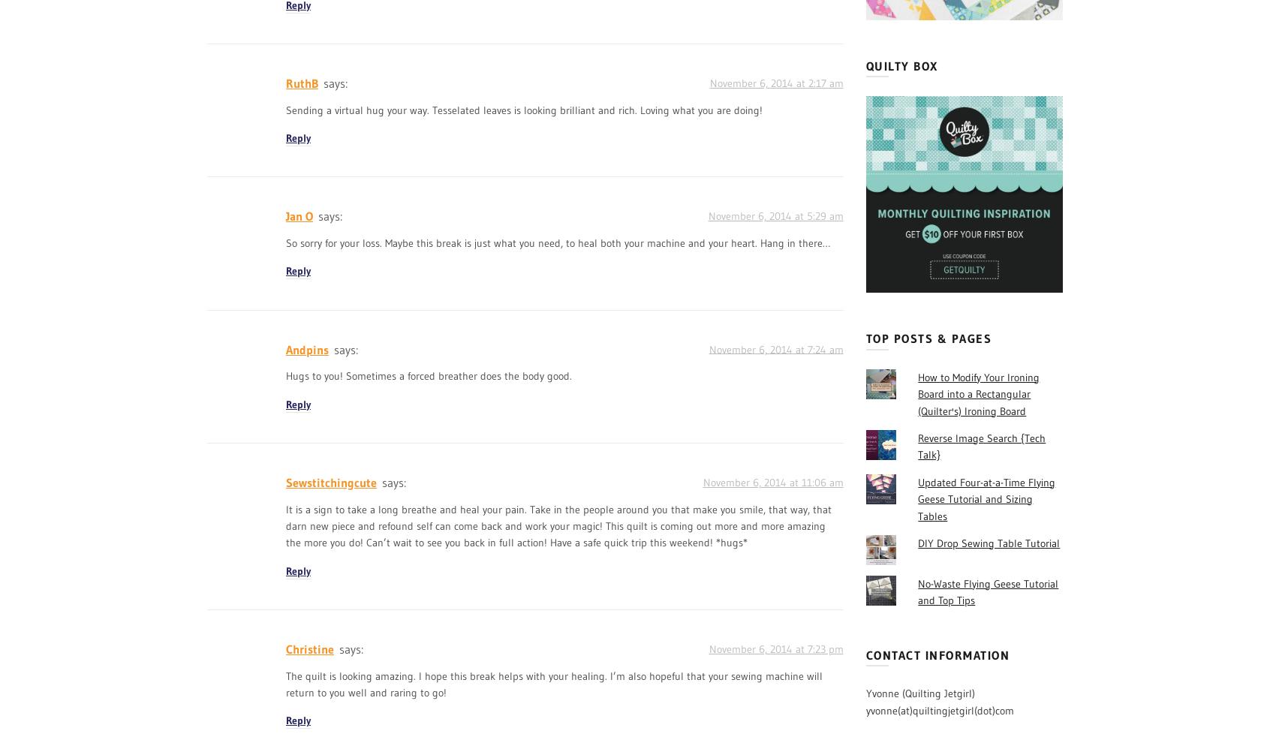  I want to click on 'Contact Information', so click(937, 654).